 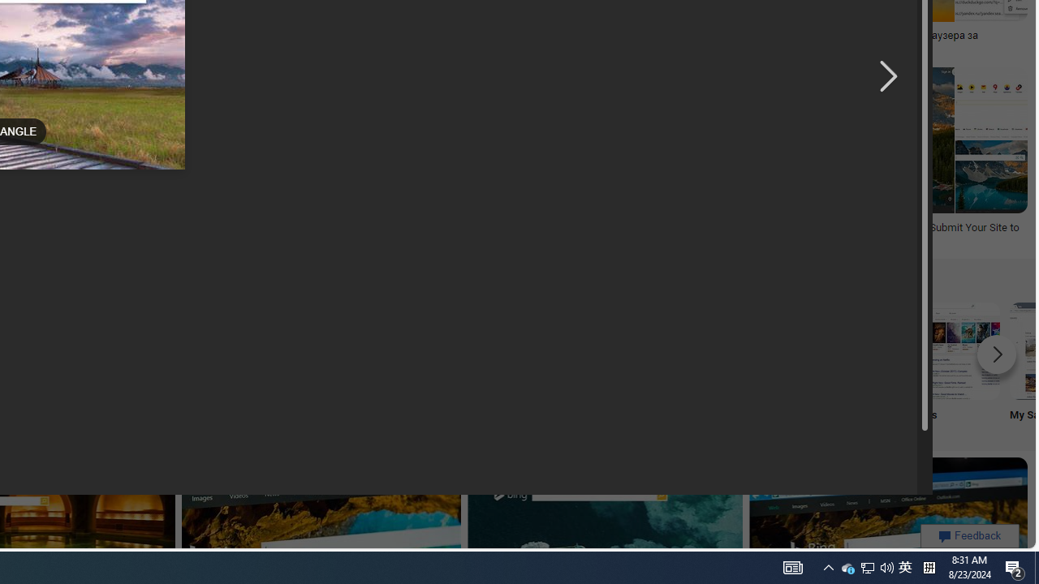 I want to click on 'New Bing Image Search', so click(x=628, y=350).